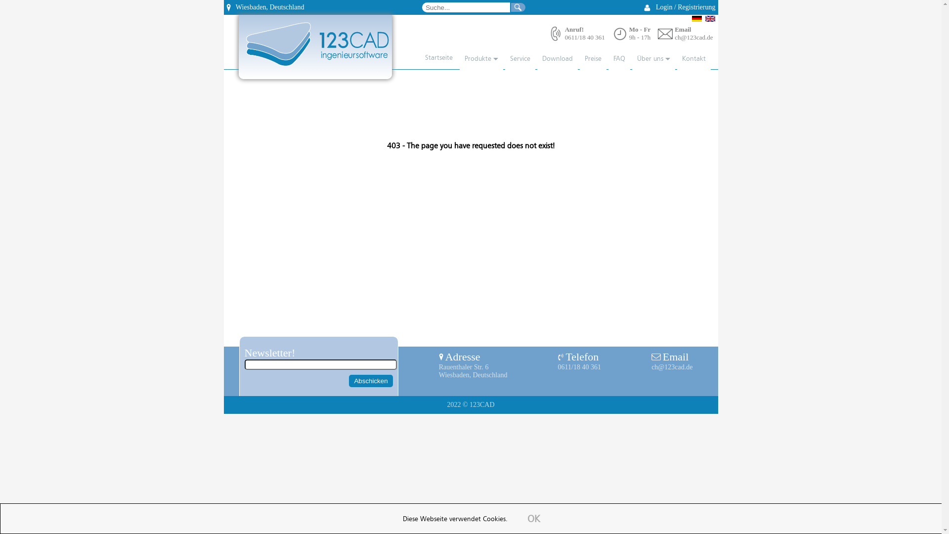 The width and height of the screenshot is (949, 534). I want to click on 'Abschicken', so click(370, 380).